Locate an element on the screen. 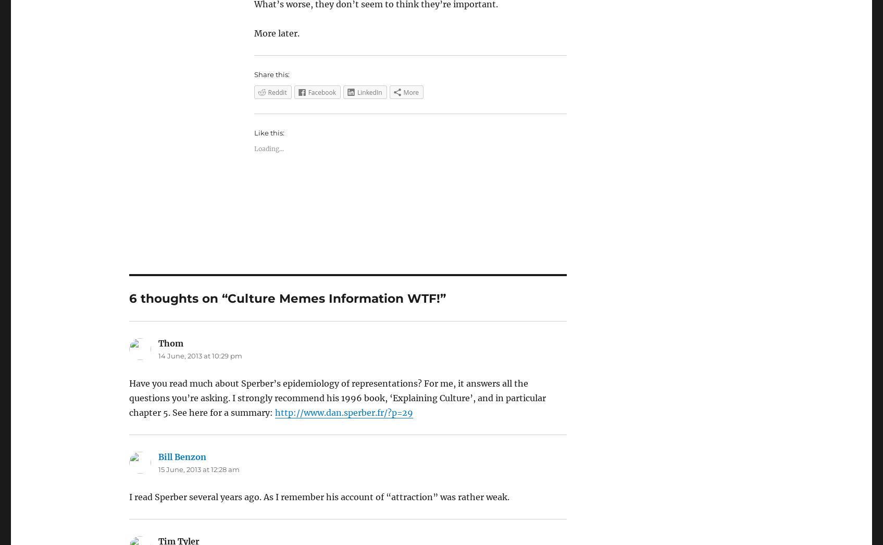 The height and width of the screenshot is (545, 883). 'Thom' is located at coordinates (170, 342).